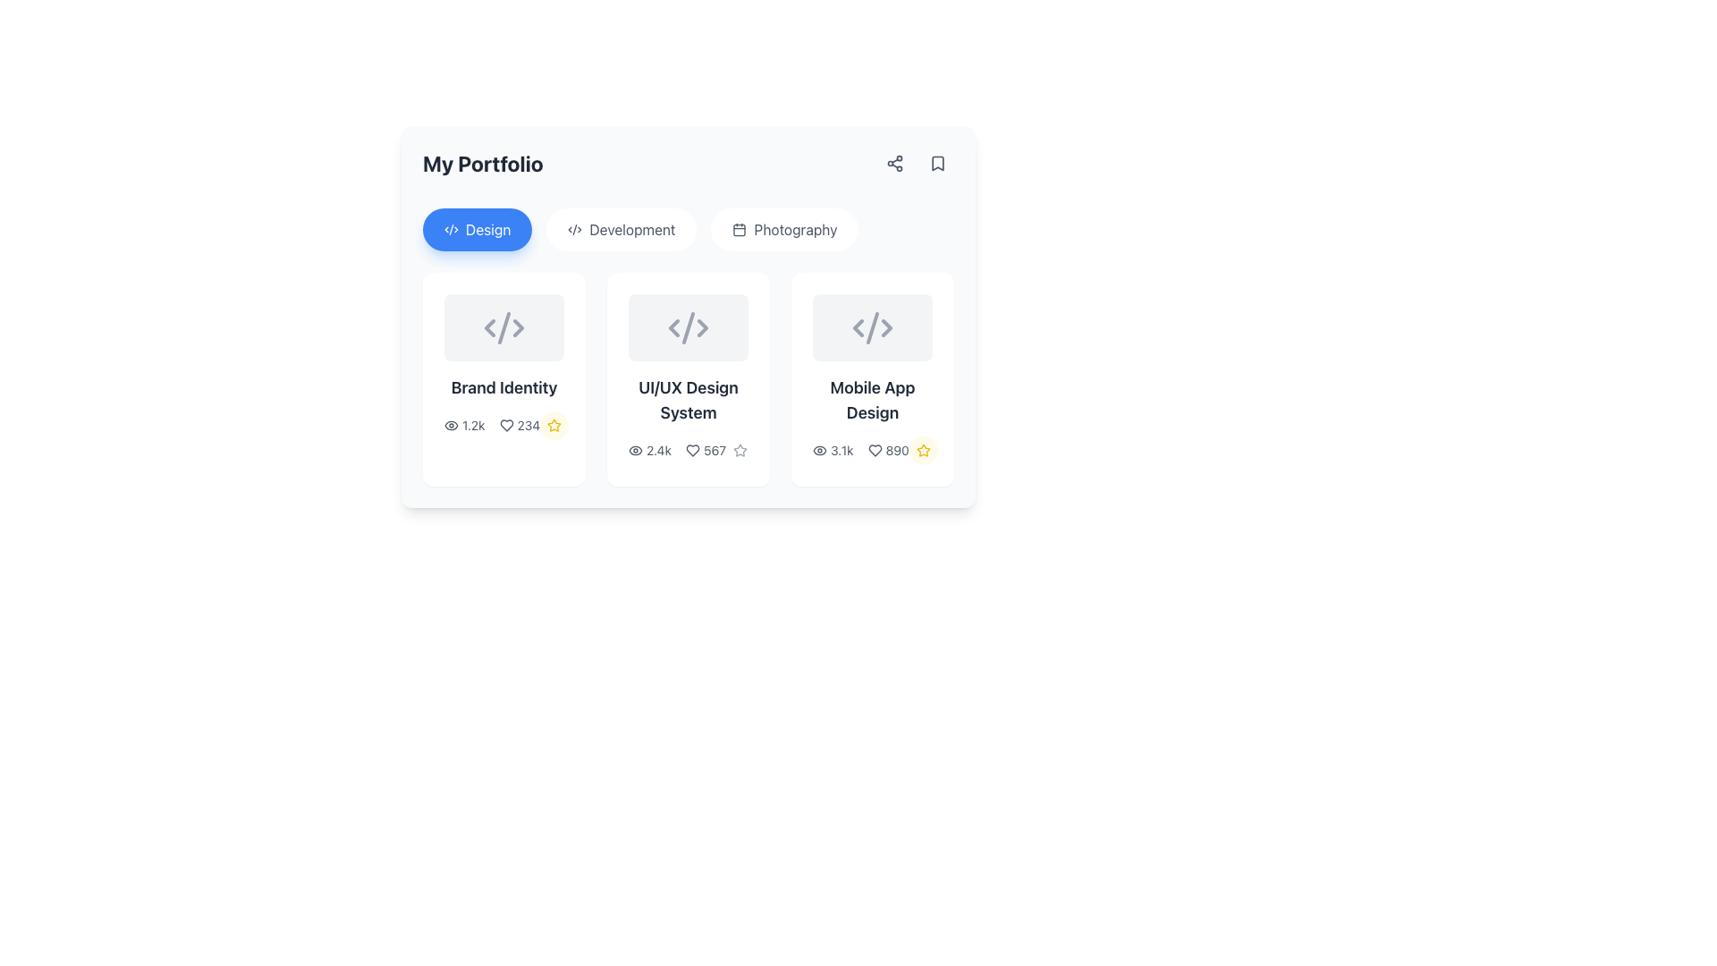 The height and width of the screenshot is (966, 1717). Describe the element at coordinates (635, 450) in the screenshot. I see `the eye icon located in the top right corner of the interactive panel, which is used for toggling visibility features` at that location.